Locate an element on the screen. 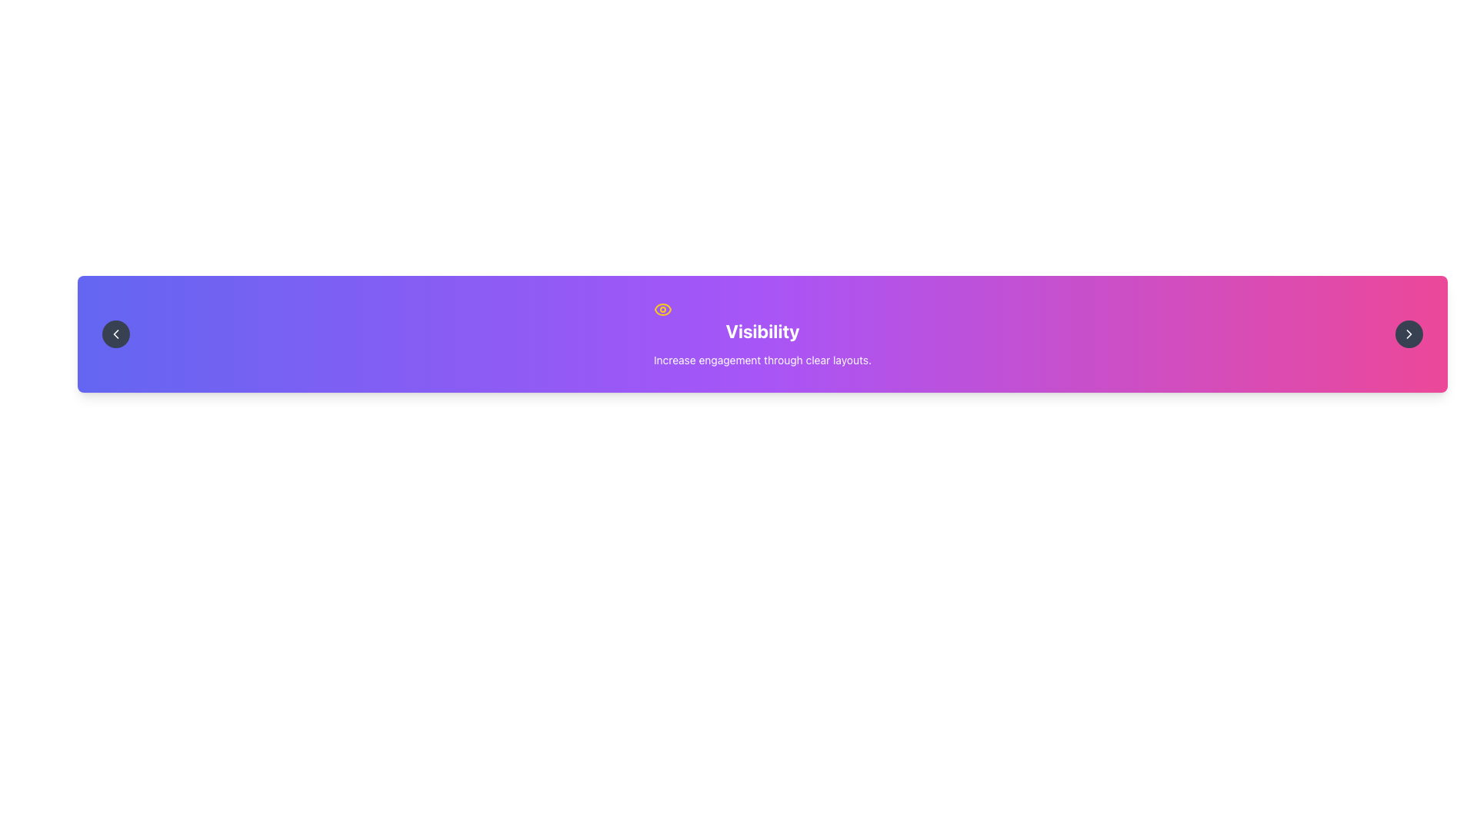  the yellow eye icon, which is circular in shape and positioned above the title text 'Visibility' is located at coordinates (662, 309).